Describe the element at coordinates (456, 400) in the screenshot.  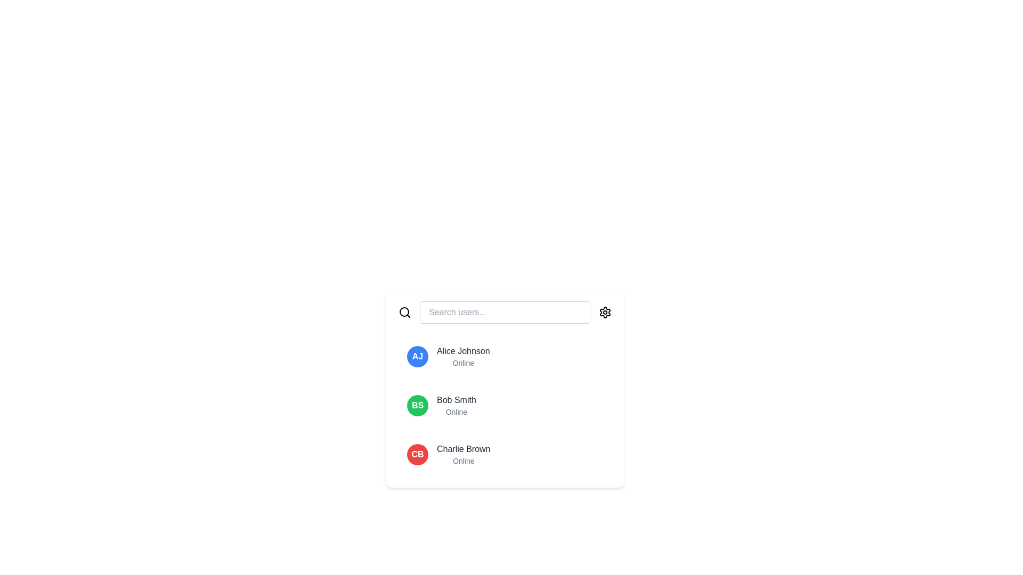
I see `the Text Label displaying the name 'Bob Smith', which is styled in dark gray font and is positioned adjacent to a green circular icon with the initials 'BS'` at that location.